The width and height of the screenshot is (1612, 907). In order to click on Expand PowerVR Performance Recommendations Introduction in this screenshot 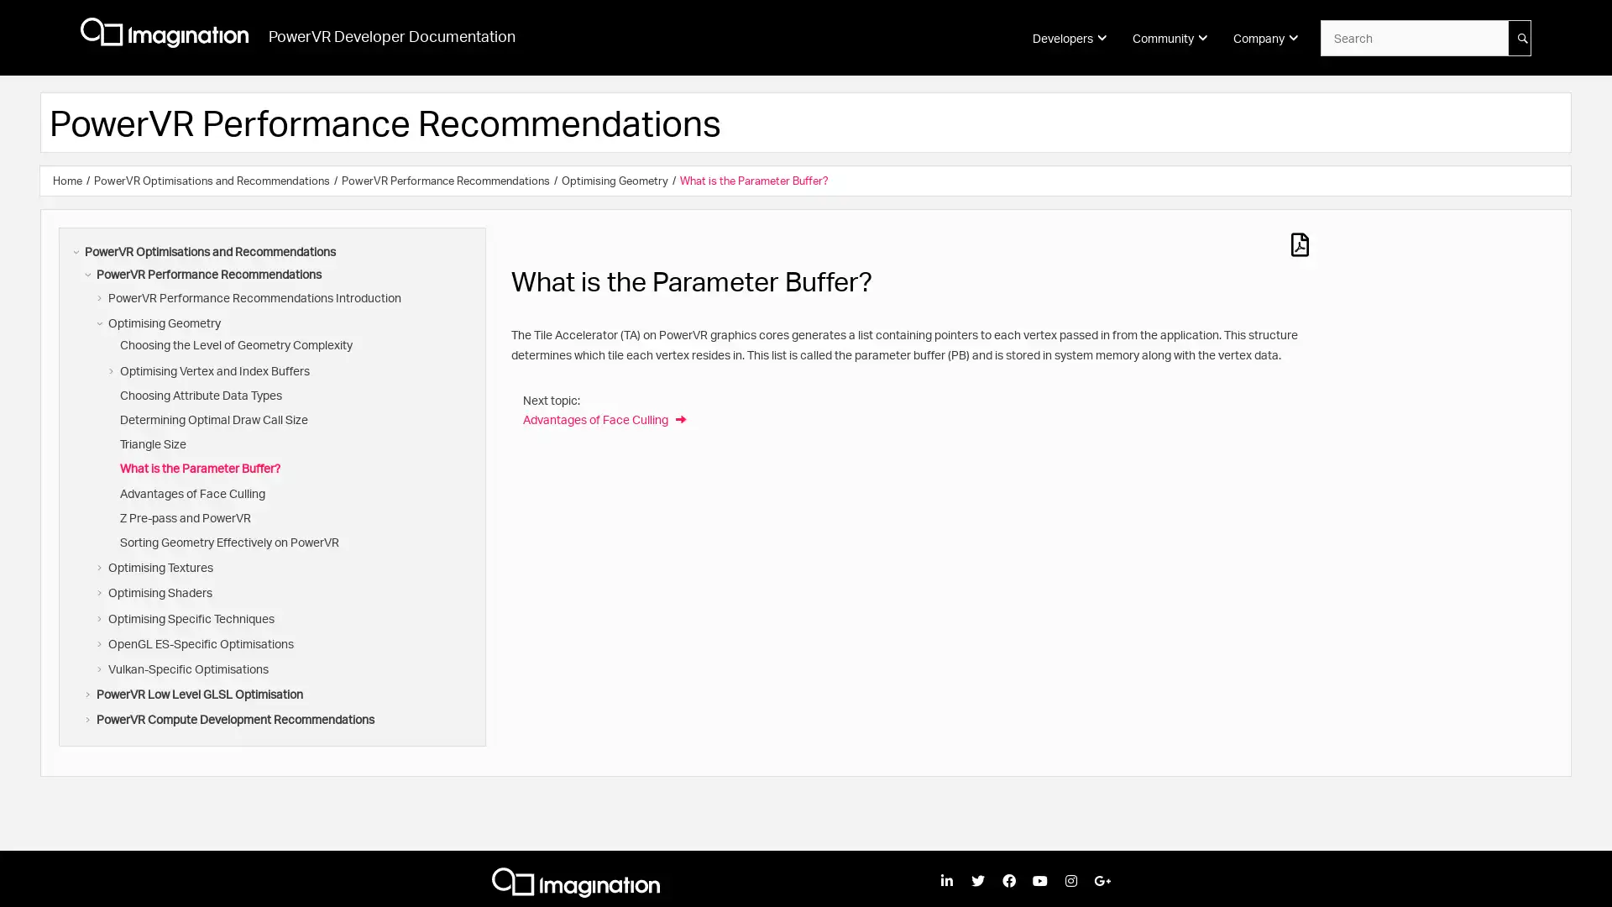, I will do `click(100, 296)`.